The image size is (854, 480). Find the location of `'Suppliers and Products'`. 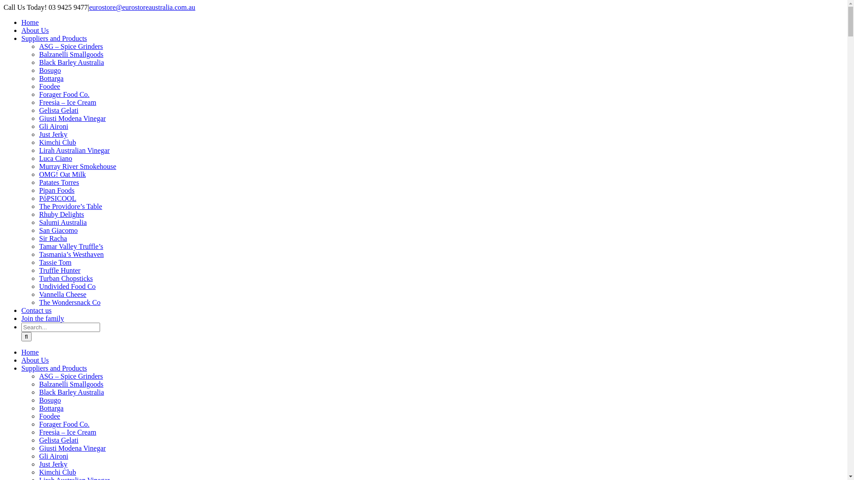

'Suppliers and Products' is located at coordinates (53, 38).